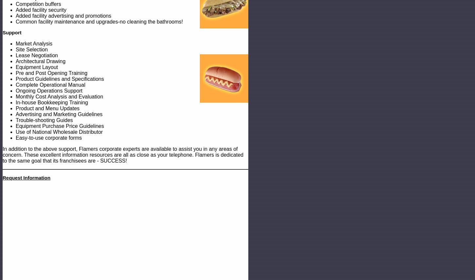 The image size is (475, 280). Describe the element at coordinates (15, 43) in the screenshot. I see `'Market Analysis'` at that location.